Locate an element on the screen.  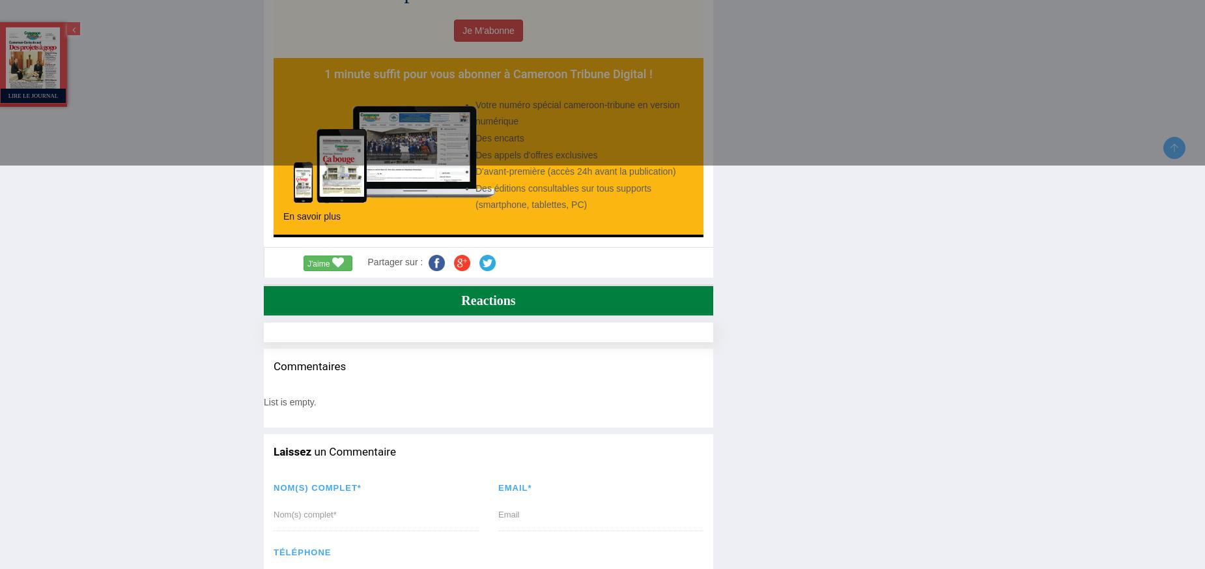
'Des encarts' is located at coordinates (500, 137).